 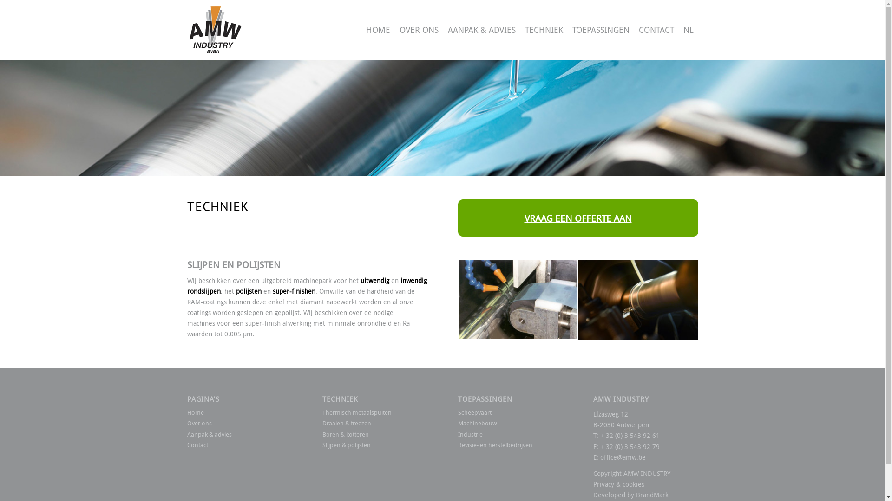 I want to click on 'BrandMark', so click(x=651, y=495).